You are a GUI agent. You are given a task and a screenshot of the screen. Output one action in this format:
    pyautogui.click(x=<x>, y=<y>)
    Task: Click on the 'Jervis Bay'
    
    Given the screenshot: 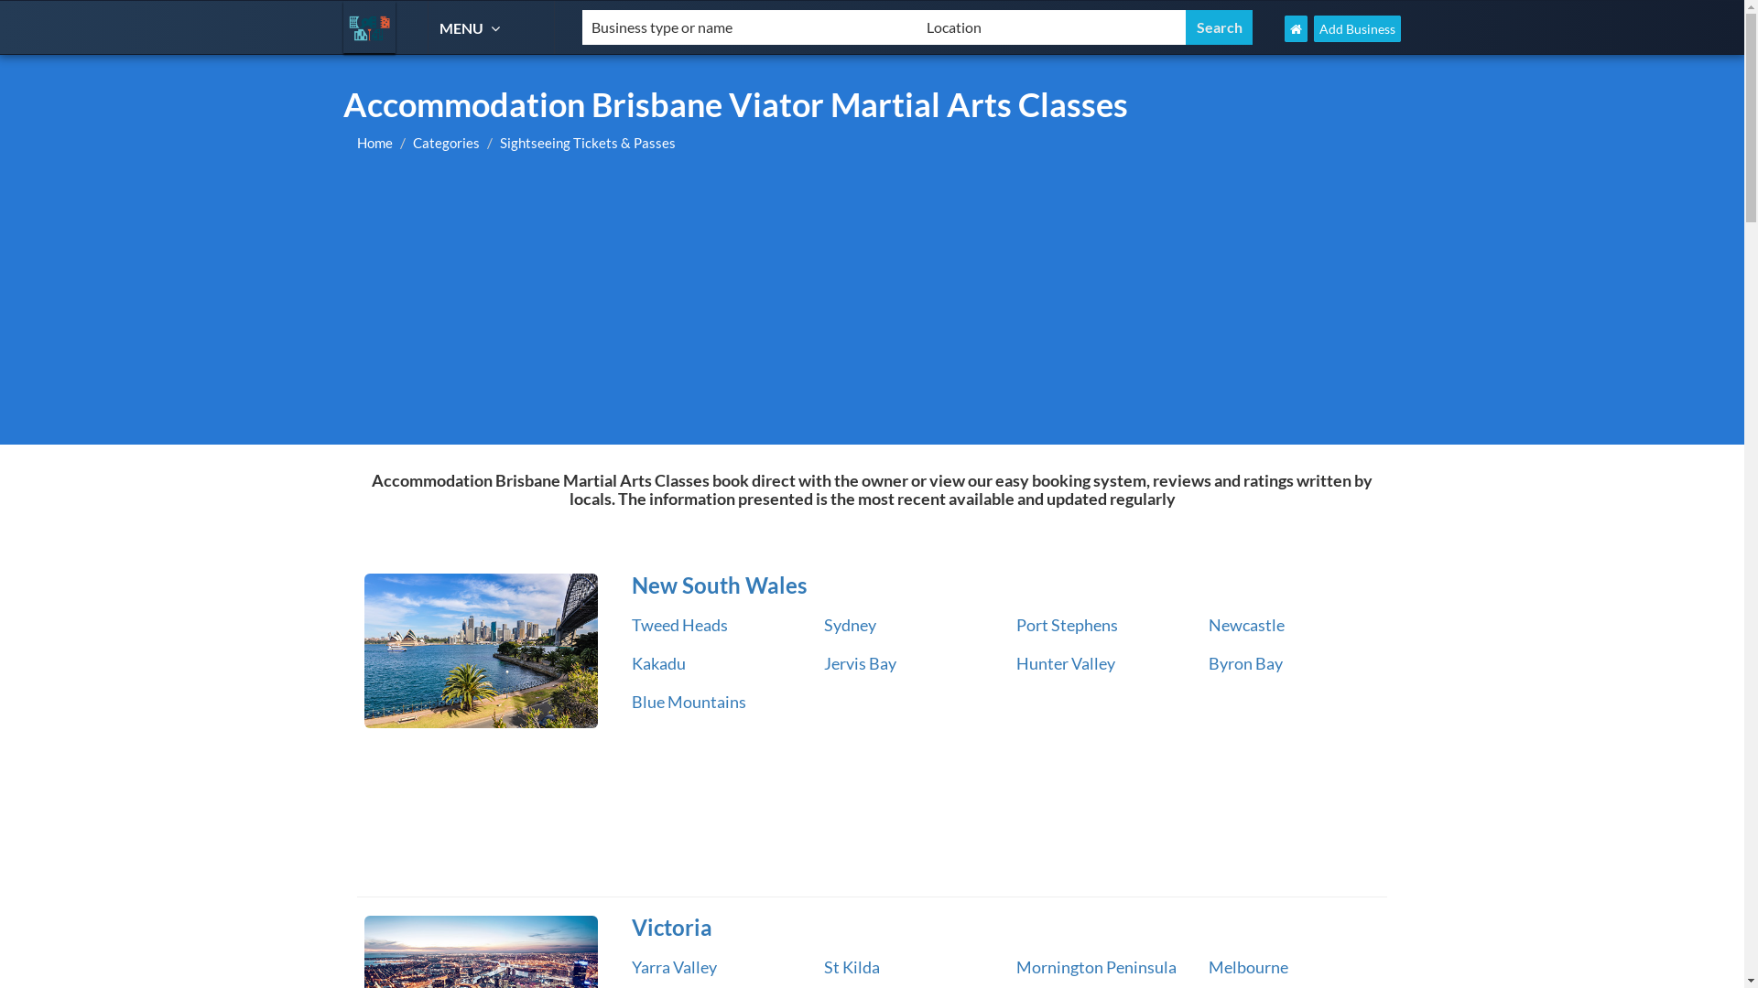 What is the action you would take?
    pyautogui.click(x=859, y=663)
    